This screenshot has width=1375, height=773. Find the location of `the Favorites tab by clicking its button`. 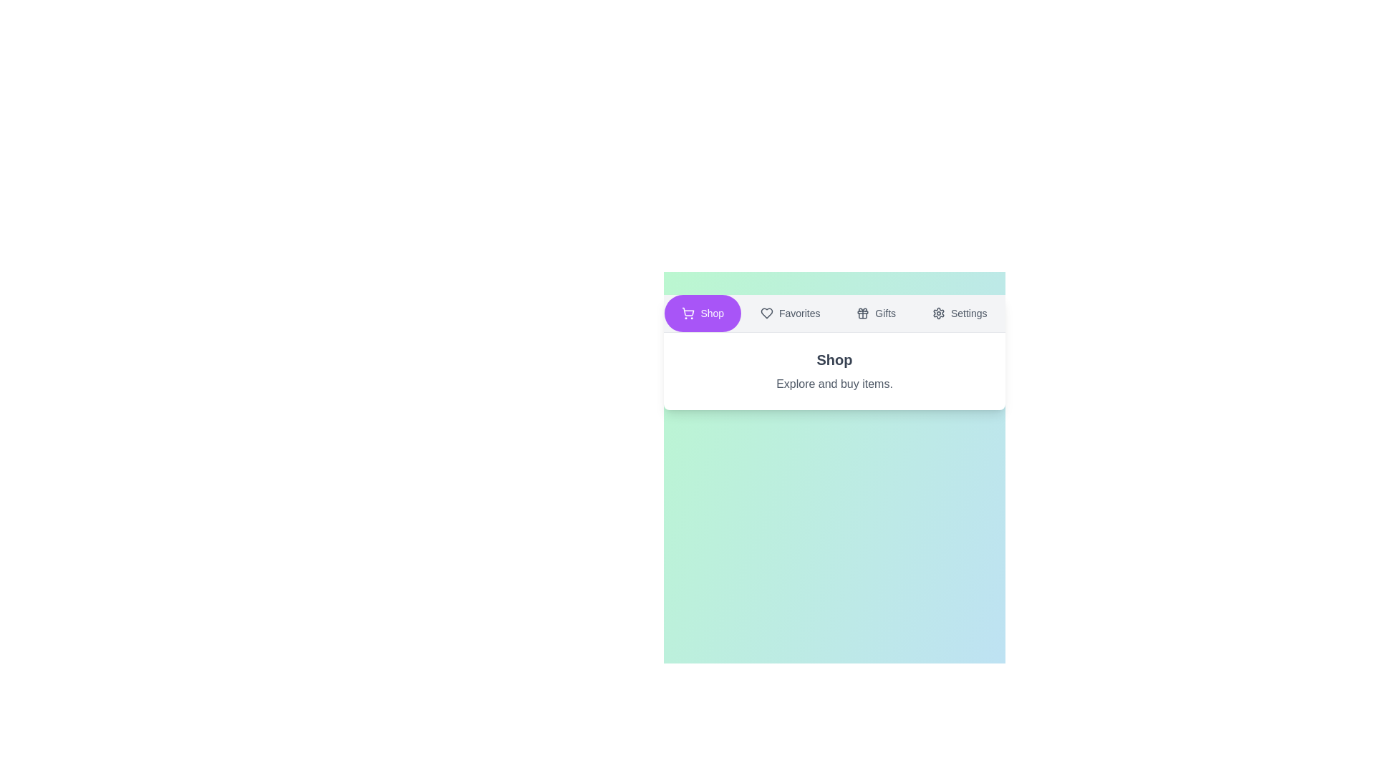

the Favorites tab by clicking its button is located at coordinates (789, 313).